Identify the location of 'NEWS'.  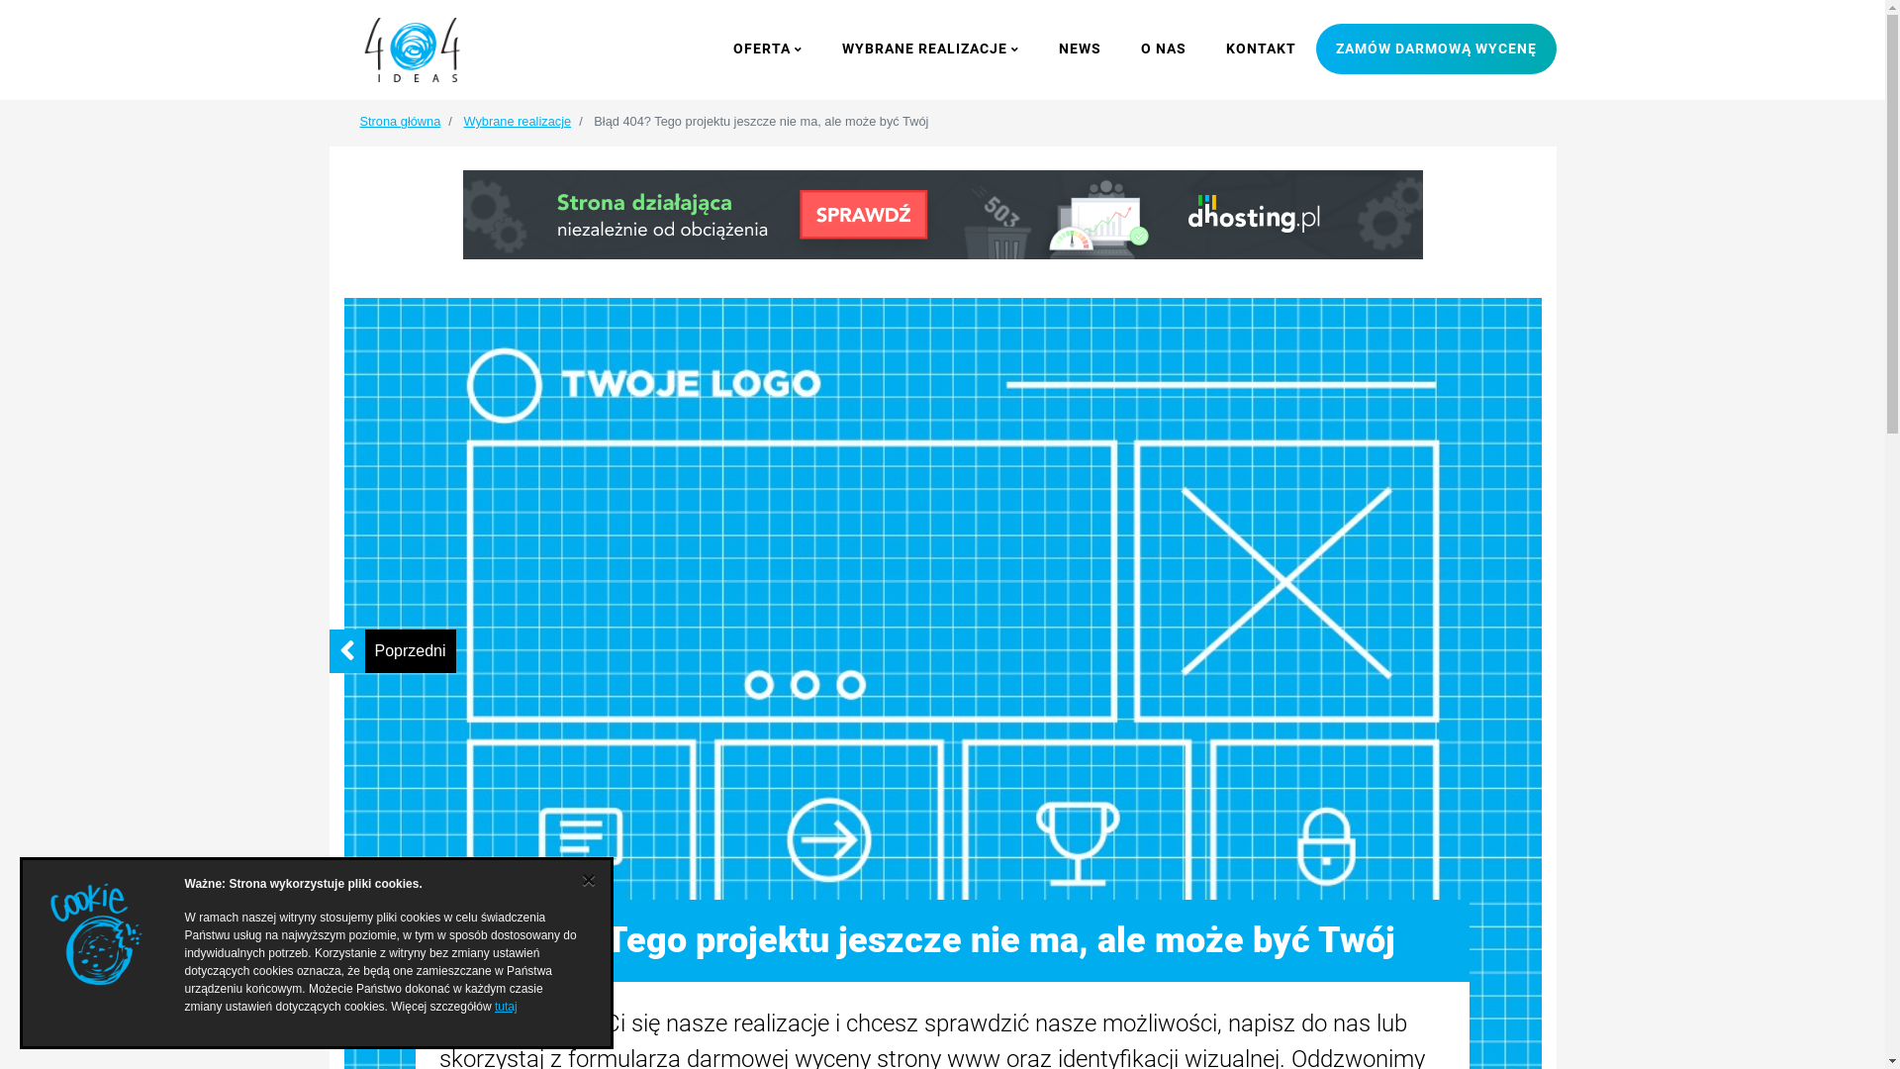
(1079, 48).